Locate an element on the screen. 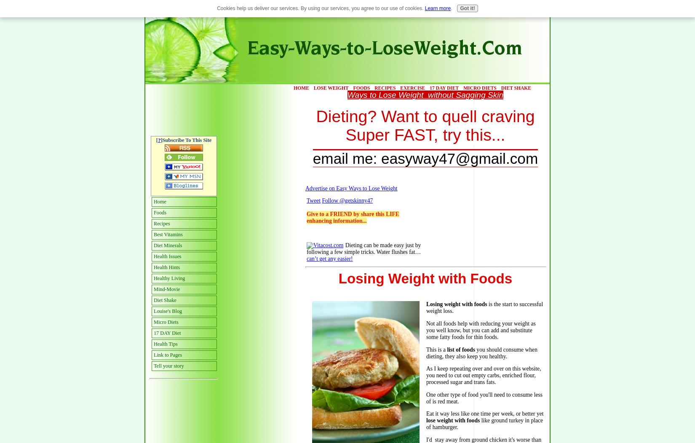 The height and width of the screenshot is (443, 695). 'Mind-Movie' is located at coordinates (167, 288).